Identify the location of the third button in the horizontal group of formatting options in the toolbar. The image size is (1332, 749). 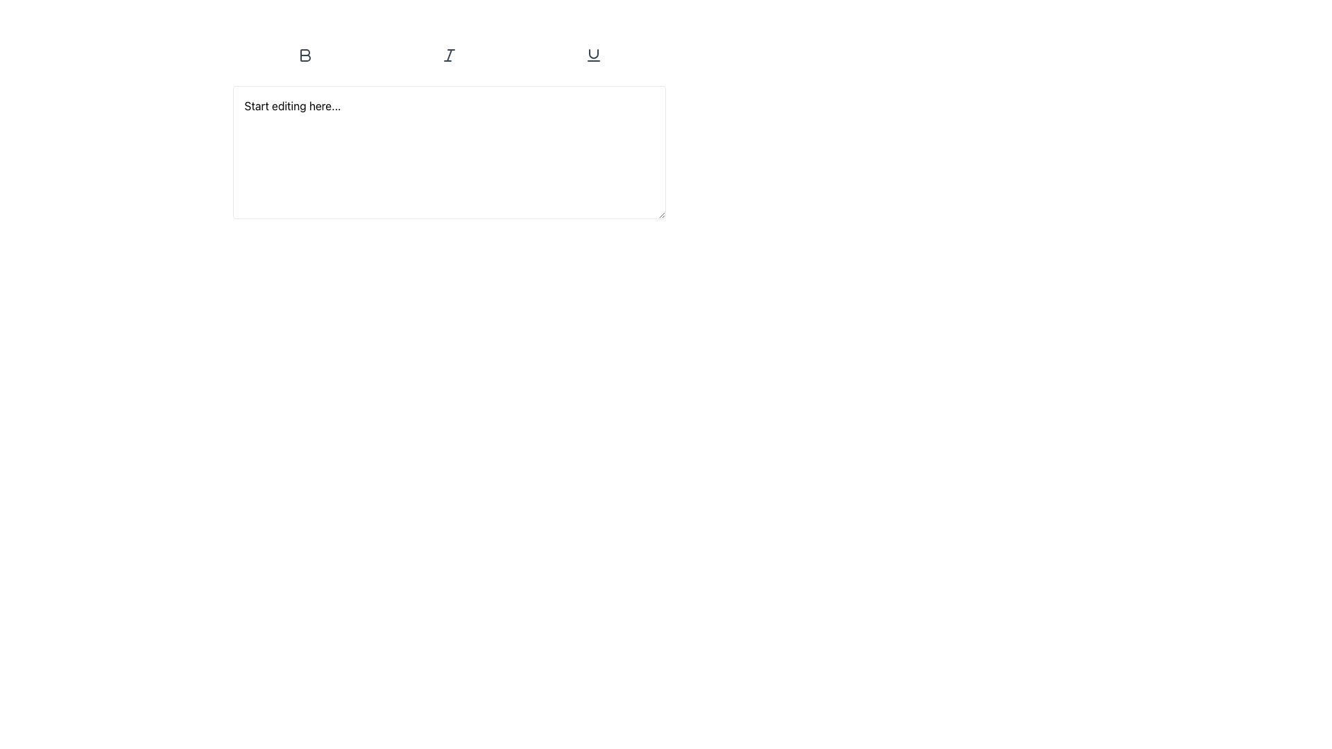
(593, 55).